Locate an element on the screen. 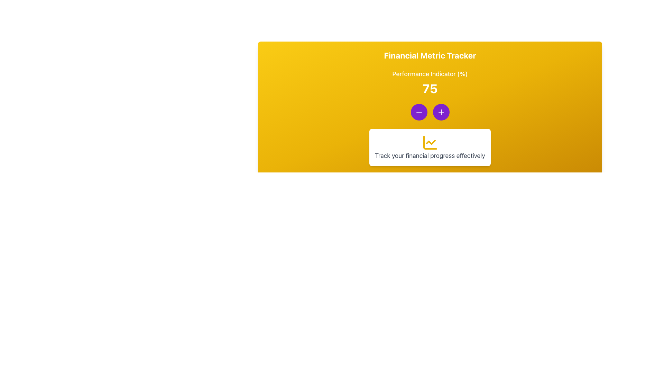  the text block containing the message 'Track your financial progress effectively' with a yellow line chart icon, located at the bottom of the 'Financial Metric Tracker' card is located at coordinates (430, 147).